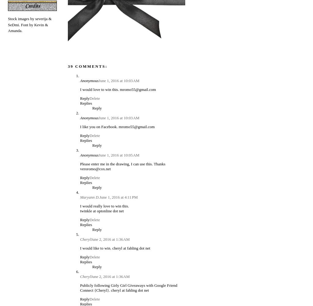 The image size is (313, 306). I want to click on 'I would like to win. cheryl at fahling dot net', so click(115, 248).